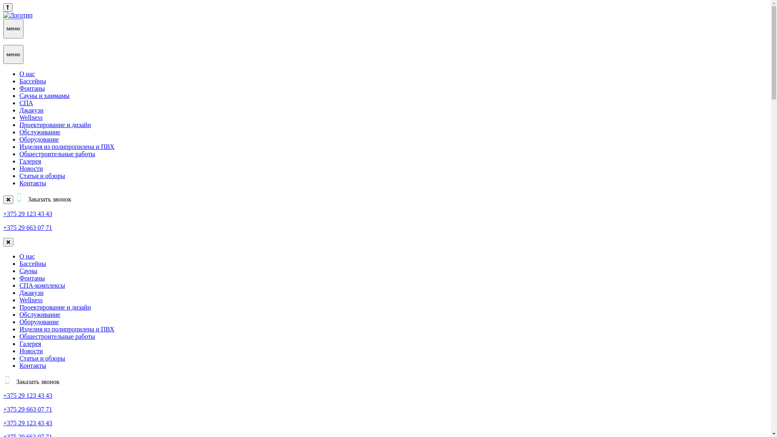 This screenshot has width=777, height=437. Describe the element at coordinates (28, 395) in the screenshot. I see `'+375 29 123 43 43'` at that location.